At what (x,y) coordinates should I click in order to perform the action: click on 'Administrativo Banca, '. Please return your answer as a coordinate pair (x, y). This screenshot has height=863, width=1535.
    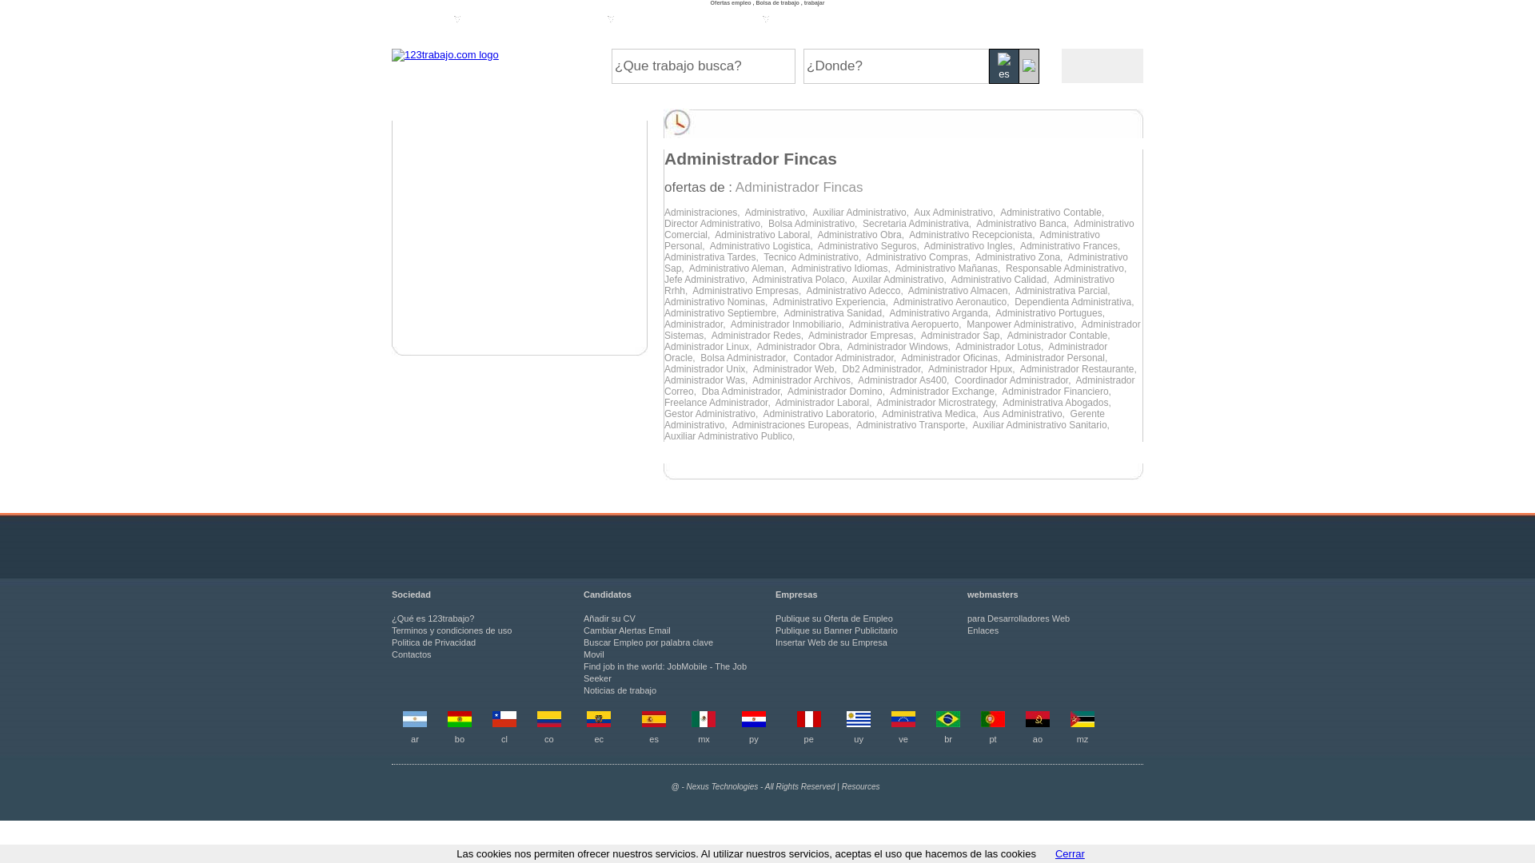
    Looking at the image, I should click on (1024, 224).